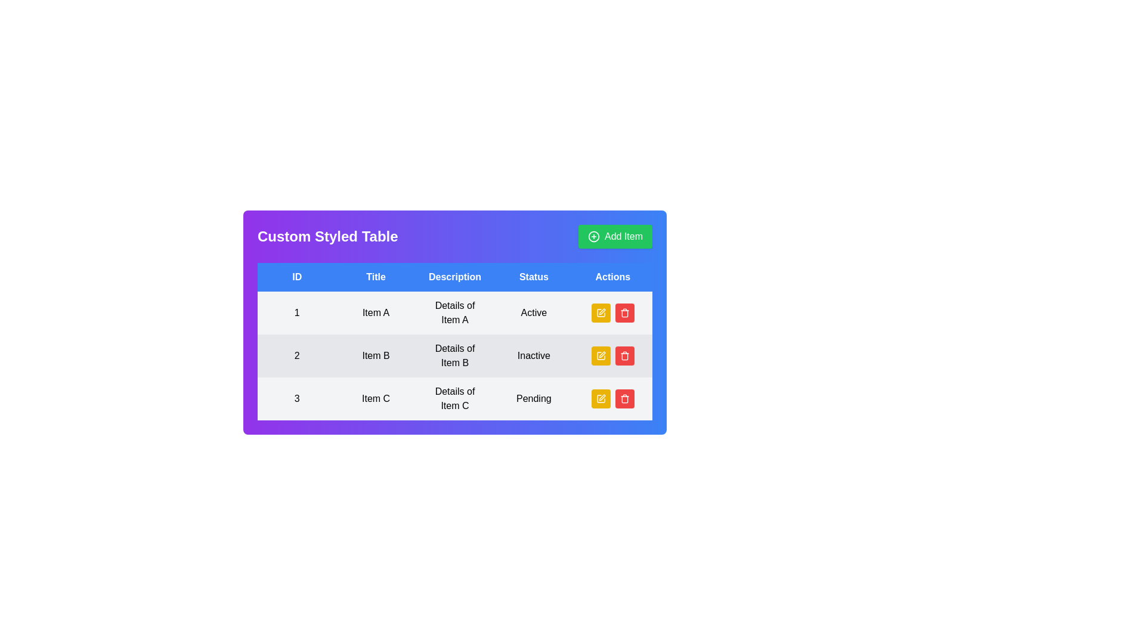 The image size is (1145, 644). What do you see at coordinates (297, 312) in the screenshot?
I see `the static table cell located in the first column of the first row, which serves as a numeric identifier for the corresponding row in the table` at bounding box center [297, 312].